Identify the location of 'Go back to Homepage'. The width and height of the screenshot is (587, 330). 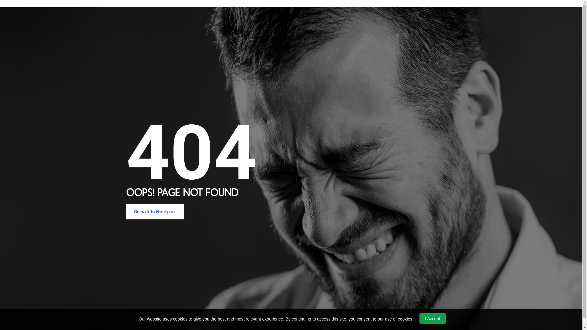
(126, 211).